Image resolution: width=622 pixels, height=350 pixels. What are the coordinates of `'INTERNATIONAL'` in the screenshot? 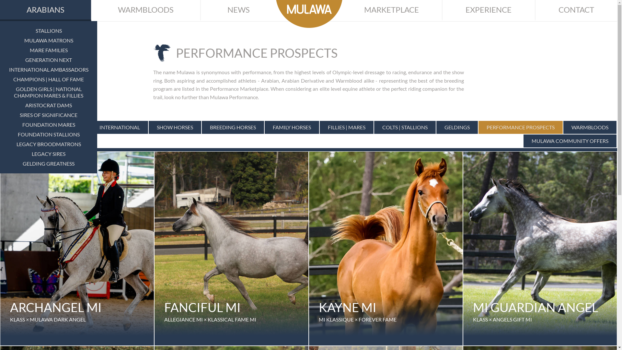 It's located at (91, 127).